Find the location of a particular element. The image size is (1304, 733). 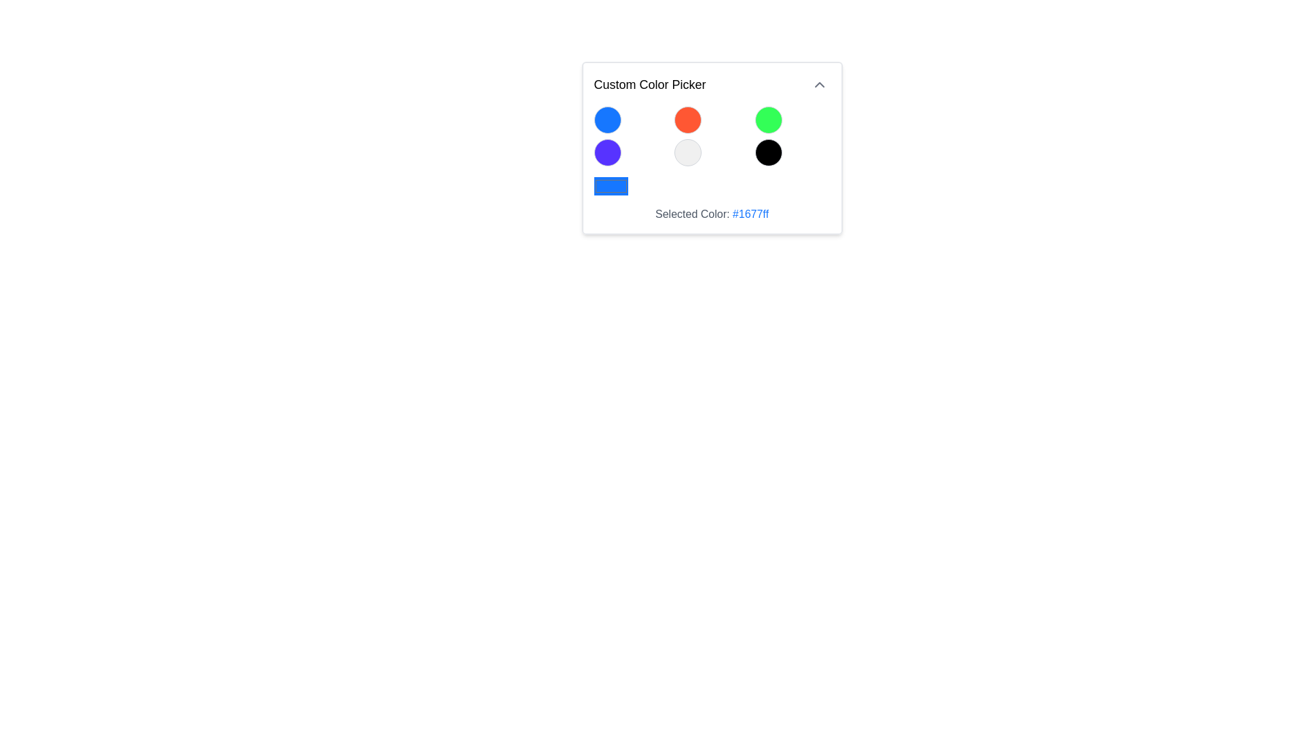

the circular button with a purple background located in the second row, first column of the grid layout in the color picker interface is located at coordinates (606, 152).